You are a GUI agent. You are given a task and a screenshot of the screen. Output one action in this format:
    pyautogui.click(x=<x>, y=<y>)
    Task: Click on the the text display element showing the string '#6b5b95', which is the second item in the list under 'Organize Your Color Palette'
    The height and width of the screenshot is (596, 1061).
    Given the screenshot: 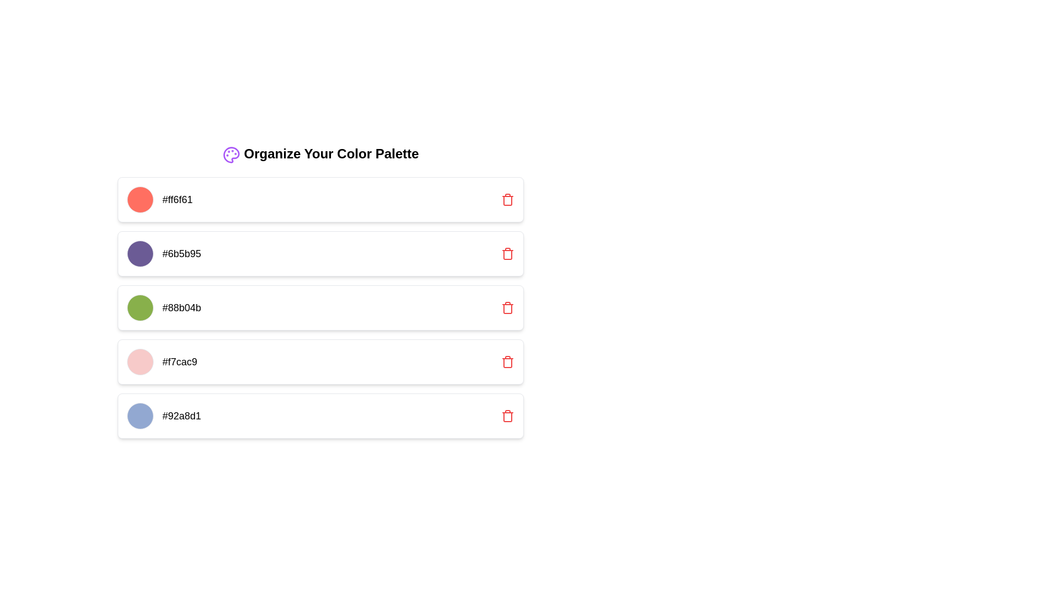 What is the action you would take?
    pyautogui.click(x=182, y=253)
    